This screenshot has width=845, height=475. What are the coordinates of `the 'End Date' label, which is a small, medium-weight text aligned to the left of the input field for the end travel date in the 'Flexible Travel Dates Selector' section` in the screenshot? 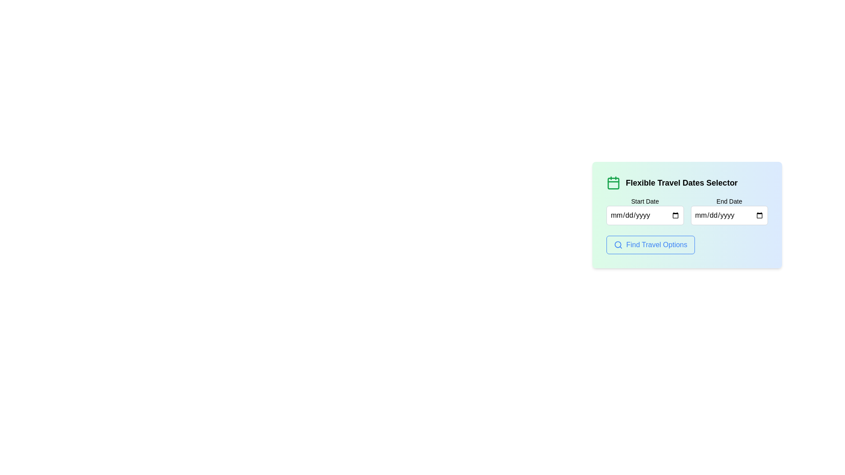 It's located at (729, 201).